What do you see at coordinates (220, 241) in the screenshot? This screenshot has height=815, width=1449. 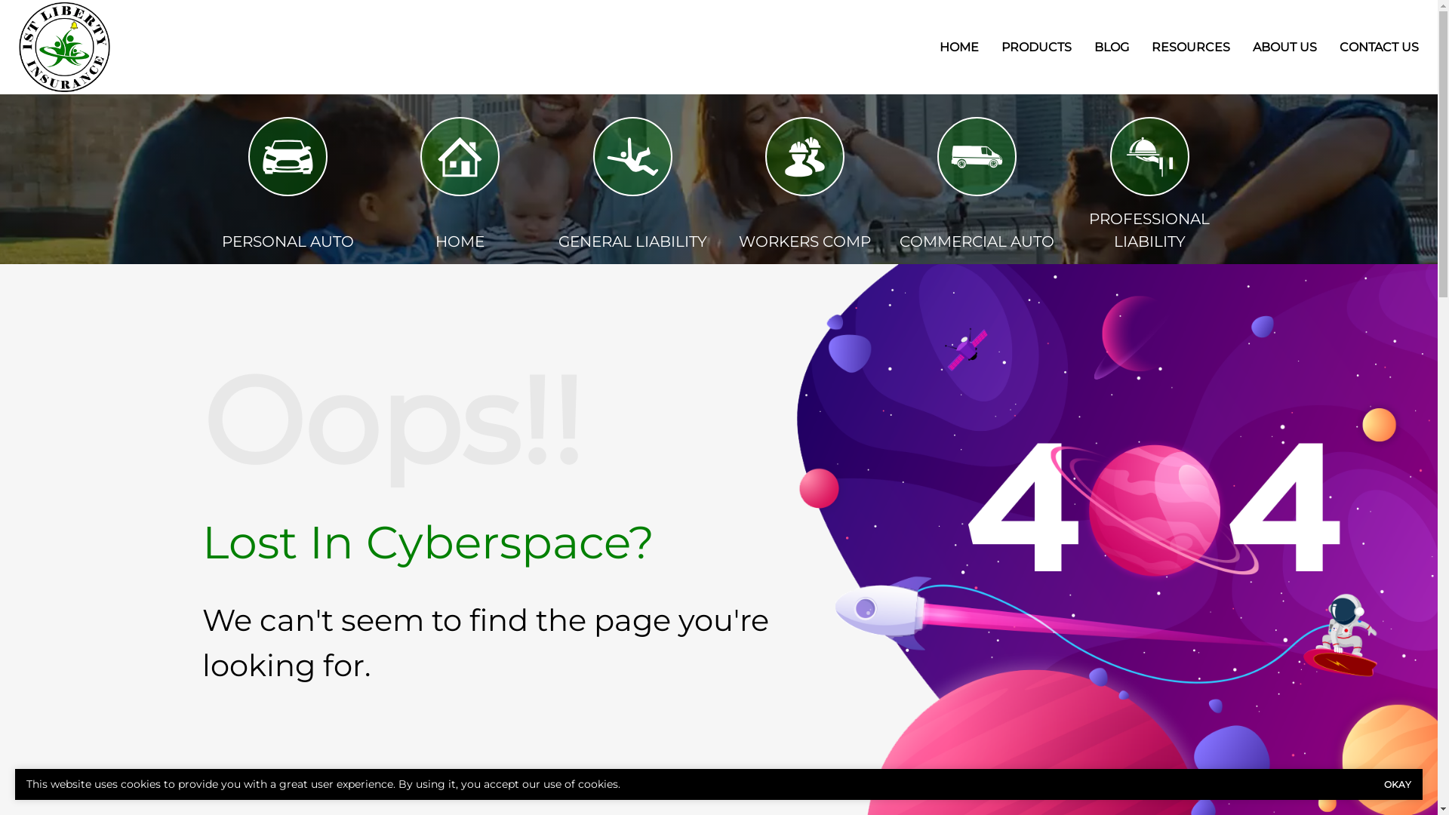 I see `'PERSONAL AUTO'` at bounding box center [220, 241].